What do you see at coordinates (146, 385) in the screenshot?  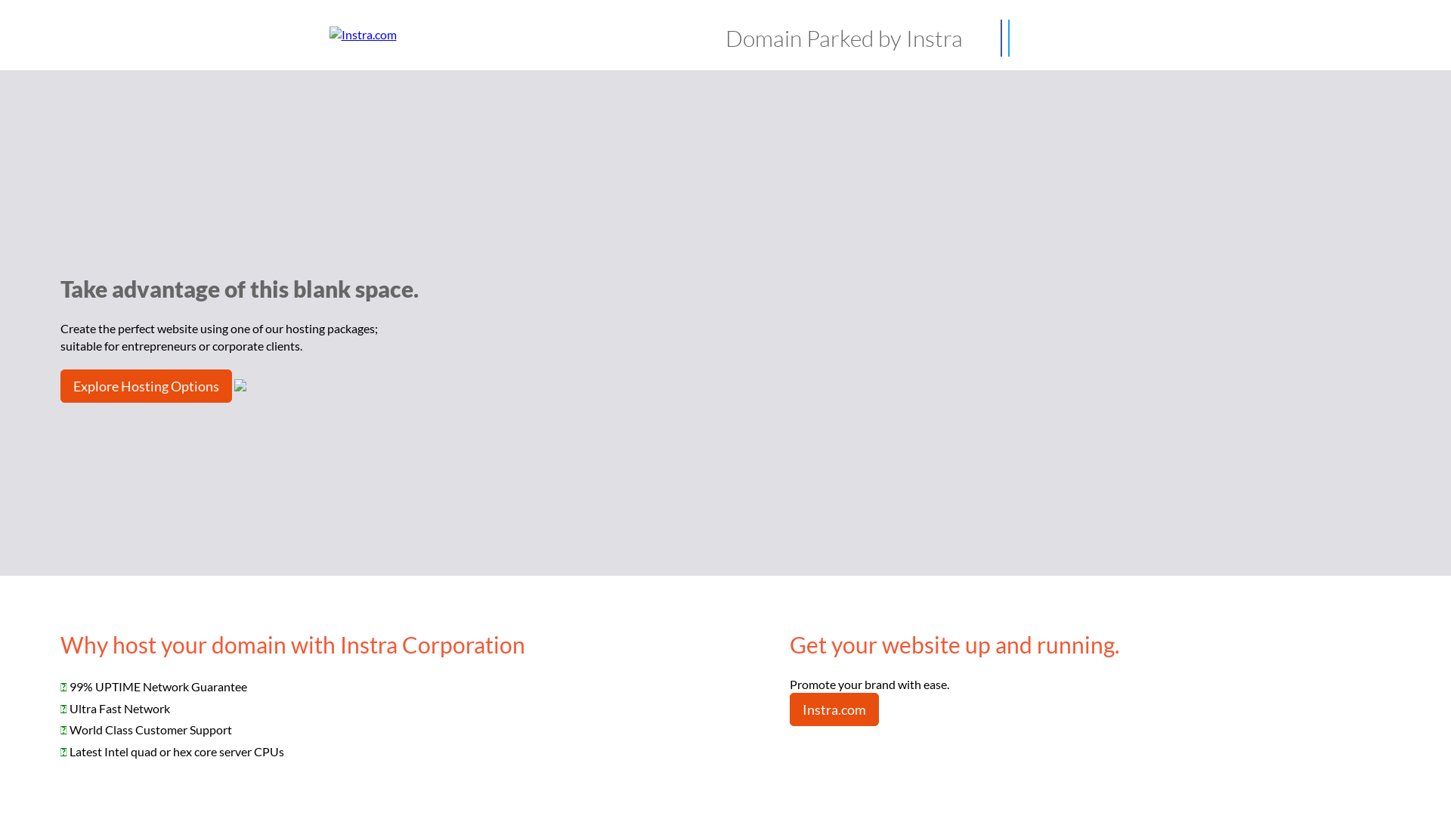 I see `'Explore Hosting Options'` at bounding box center [146, 385].